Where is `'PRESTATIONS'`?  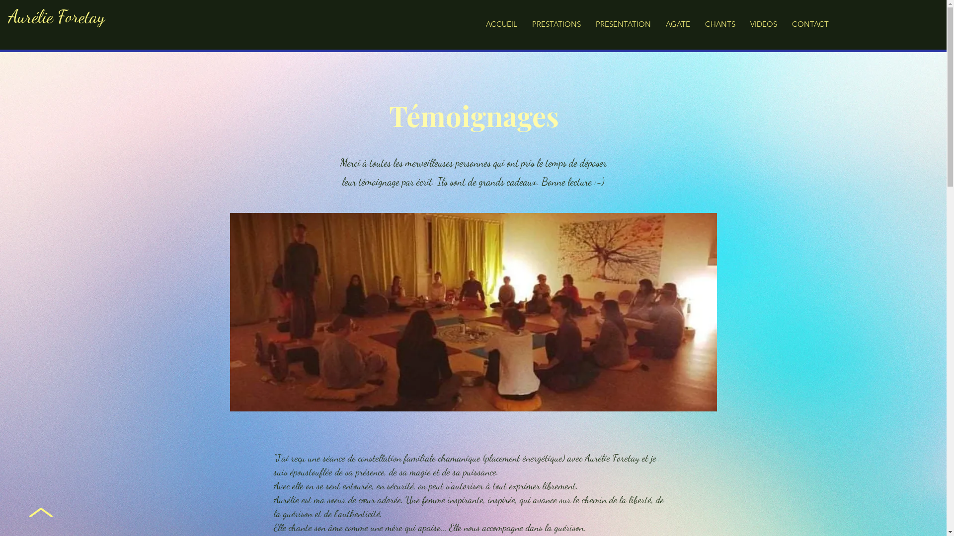
'PRESTATIONS' is located at coordinates (556, 24).